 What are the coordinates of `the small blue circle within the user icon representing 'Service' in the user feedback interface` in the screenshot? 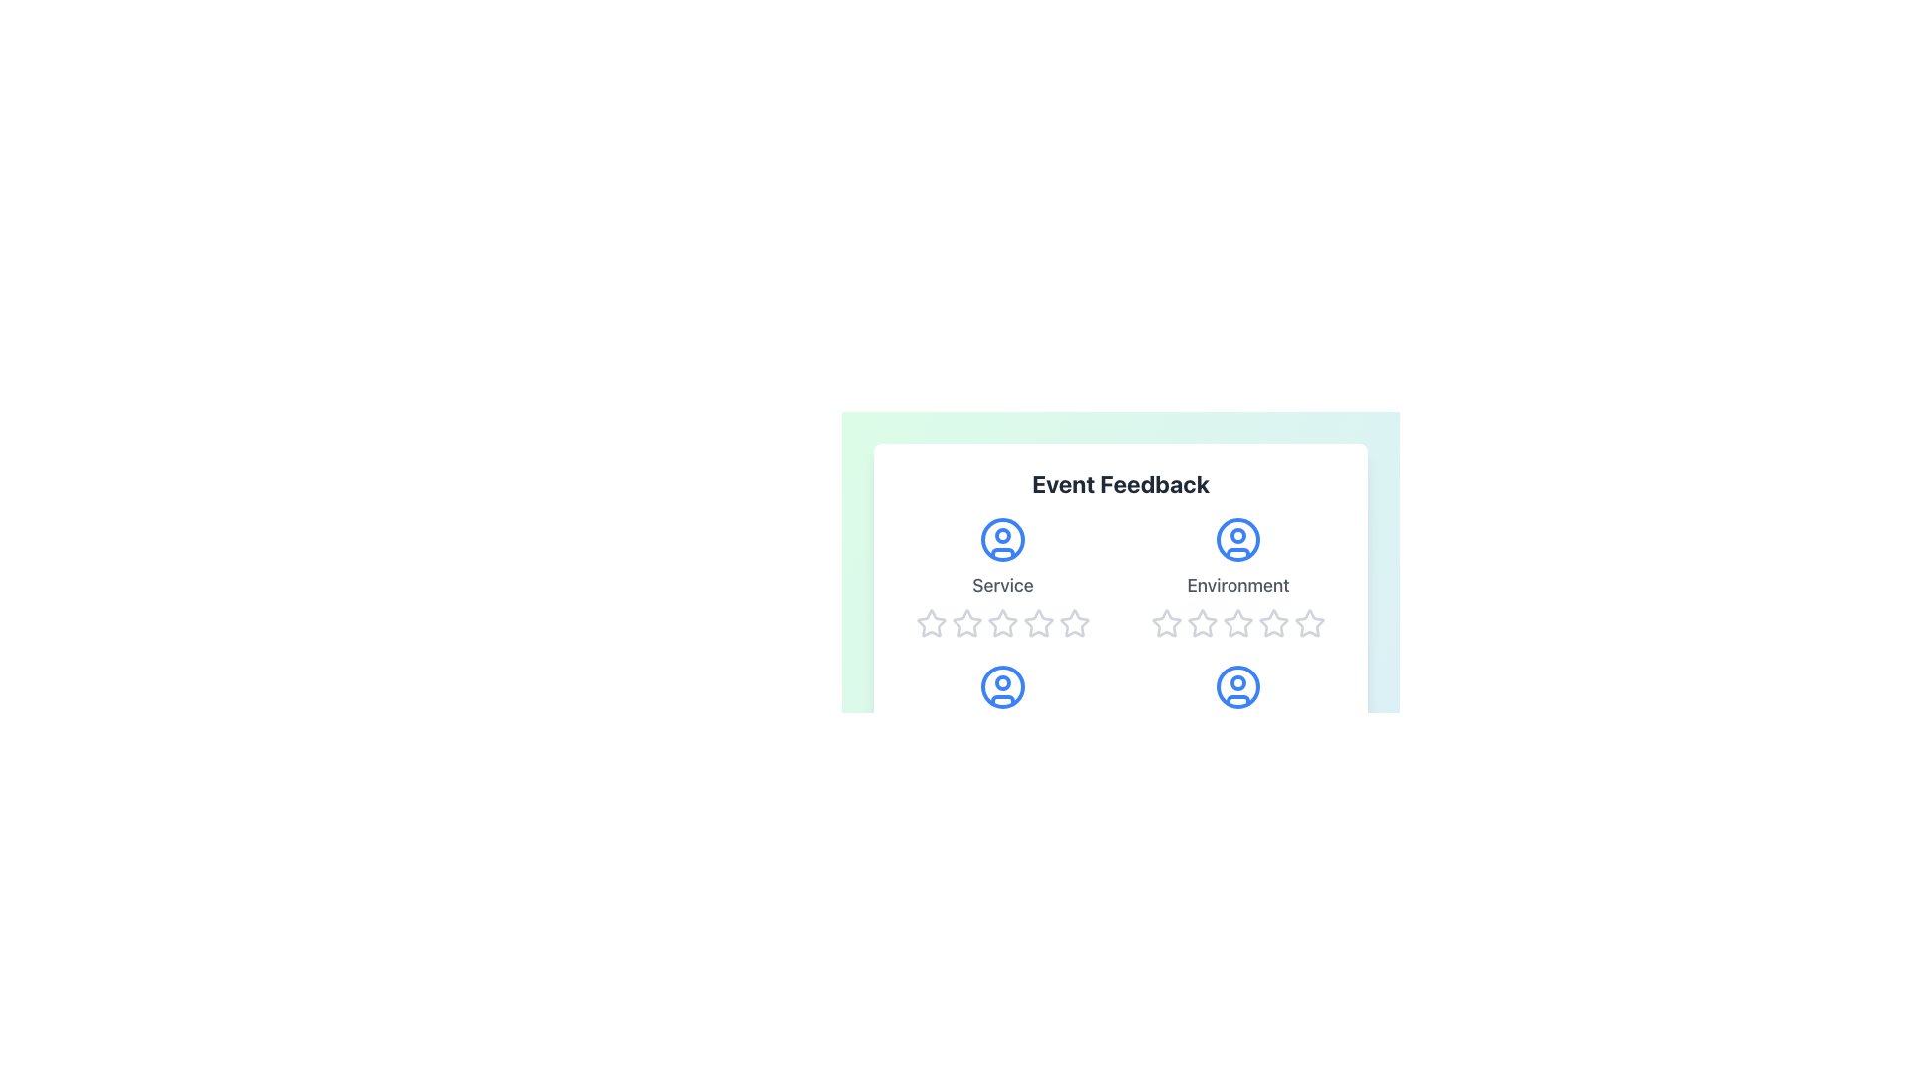 It's located at (1003, 682).